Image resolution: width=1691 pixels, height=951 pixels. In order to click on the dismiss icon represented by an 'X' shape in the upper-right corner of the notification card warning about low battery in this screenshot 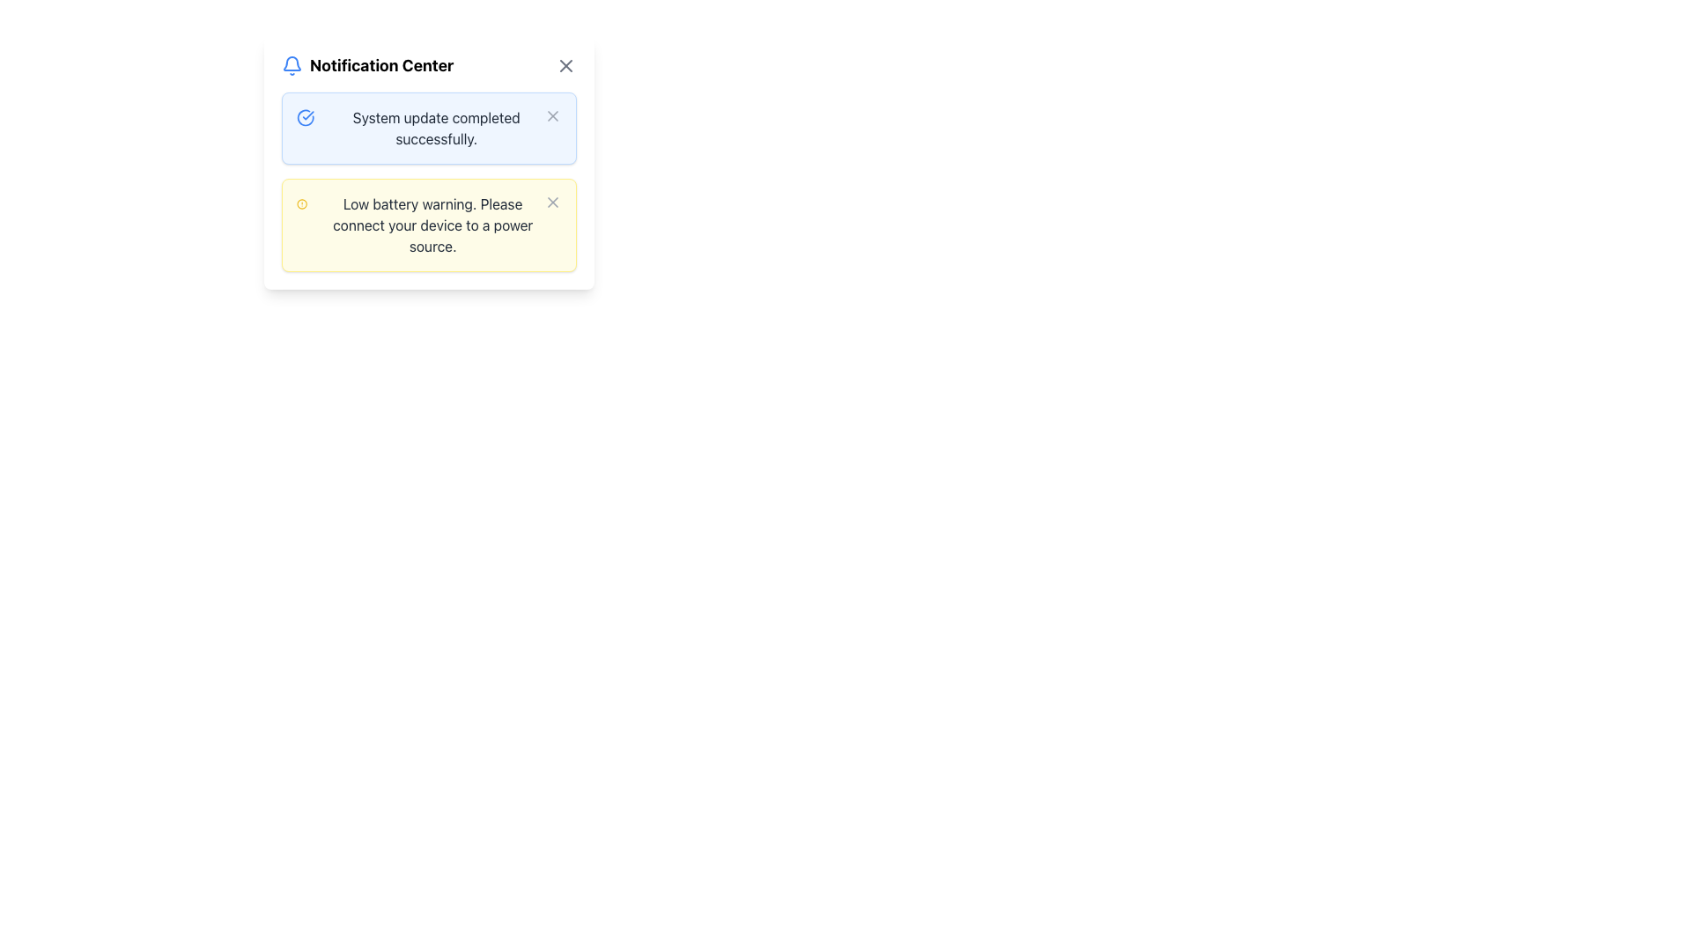, I will do `click(552, 202)`.